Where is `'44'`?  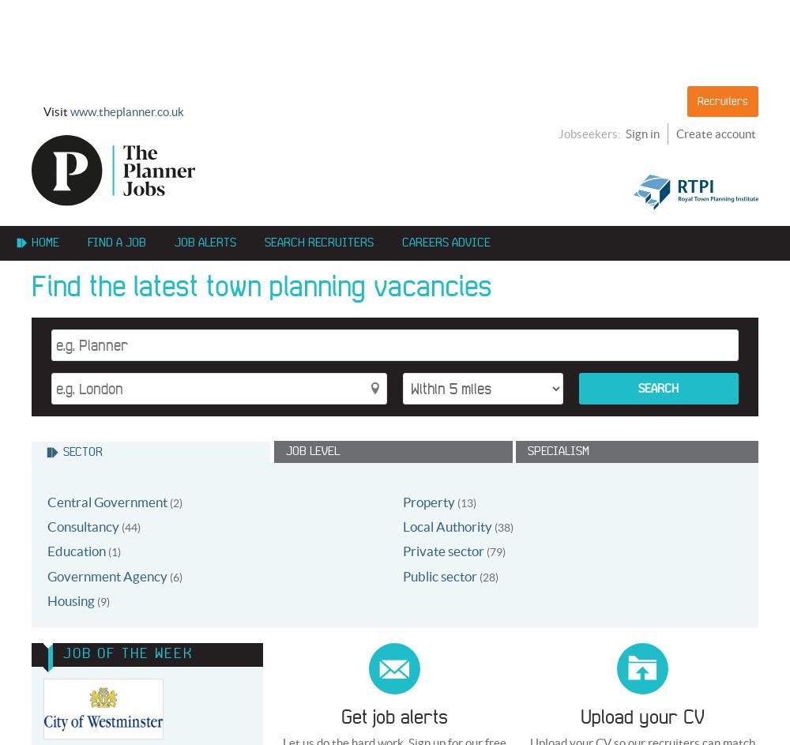 '44' is located at coordinates (131, 526).